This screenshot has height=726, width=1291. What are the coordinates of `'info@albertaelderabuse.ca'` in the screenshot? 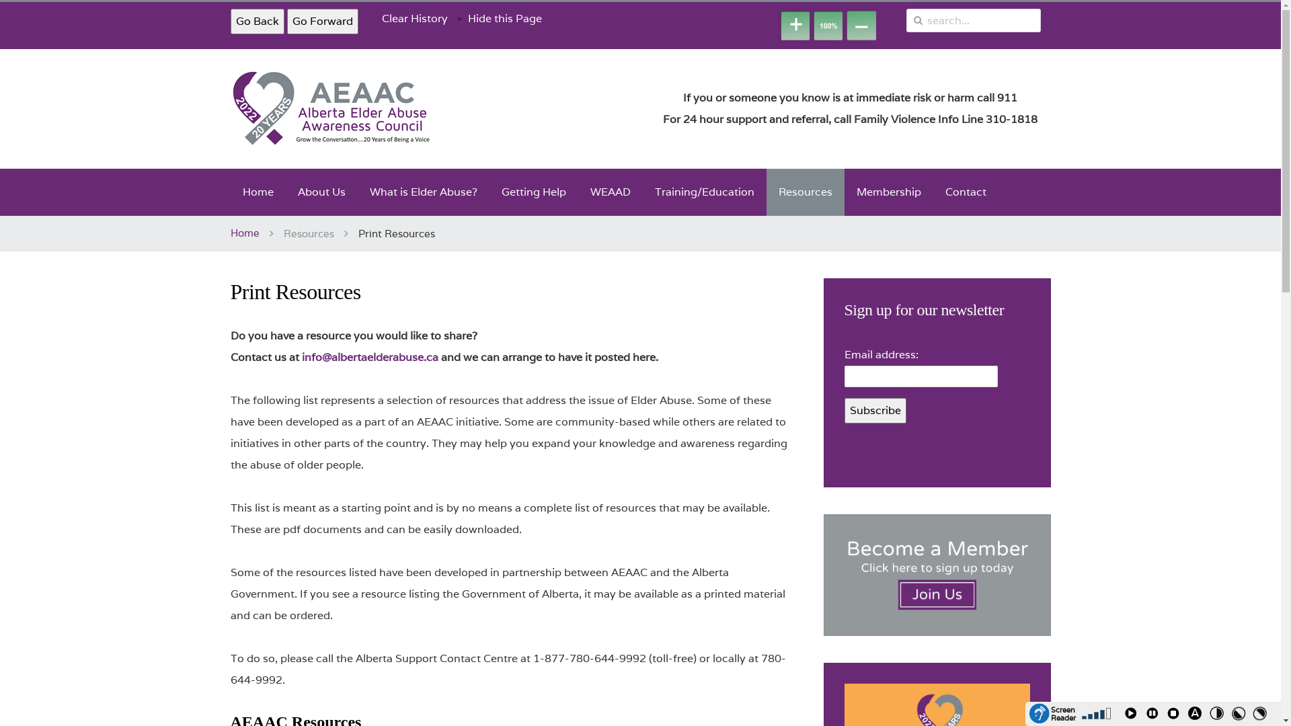 It's located at (300, 356).